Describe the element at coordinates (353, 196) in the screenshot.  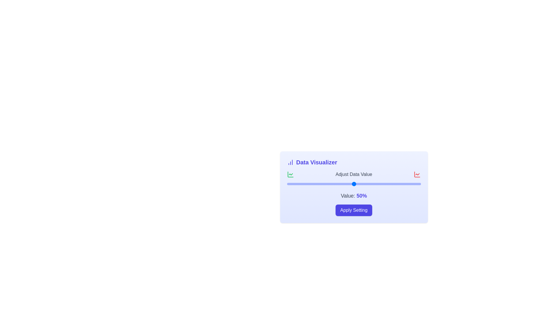
I see `the text label displaying 'Value: 50%' that is centered under the slider and above the 'Apply Setting' button in the 'Data Visualizer' section` at that location.